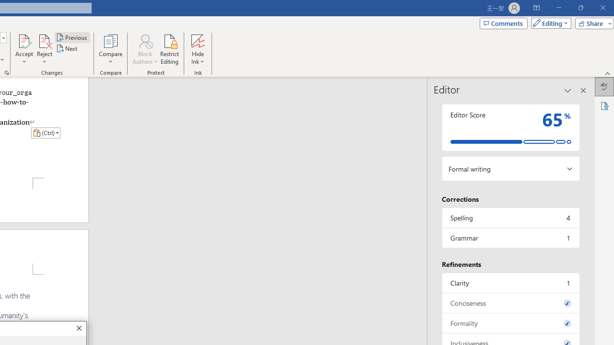 This screenshot has width=614, height=345. I want to click on 'Grammar, 1 issue. Press space or enter to review items.', so click(510, 237).